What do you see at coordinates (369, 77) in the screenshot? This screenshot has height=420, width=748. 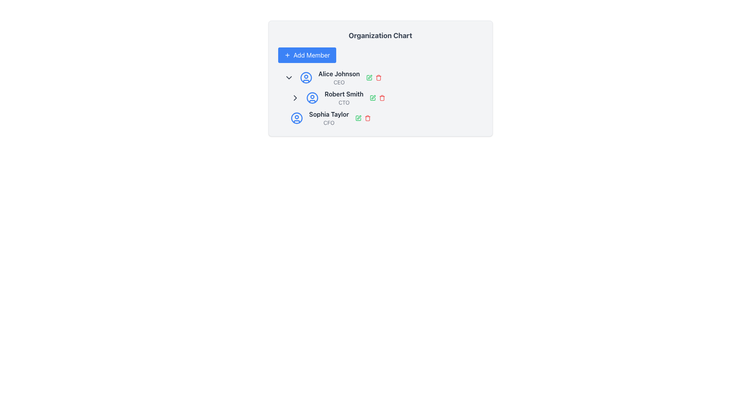 I see `the edit action icon located to the left of the red trash icon in the row associated with Alice Johnson` at bounding box center [369, 77].